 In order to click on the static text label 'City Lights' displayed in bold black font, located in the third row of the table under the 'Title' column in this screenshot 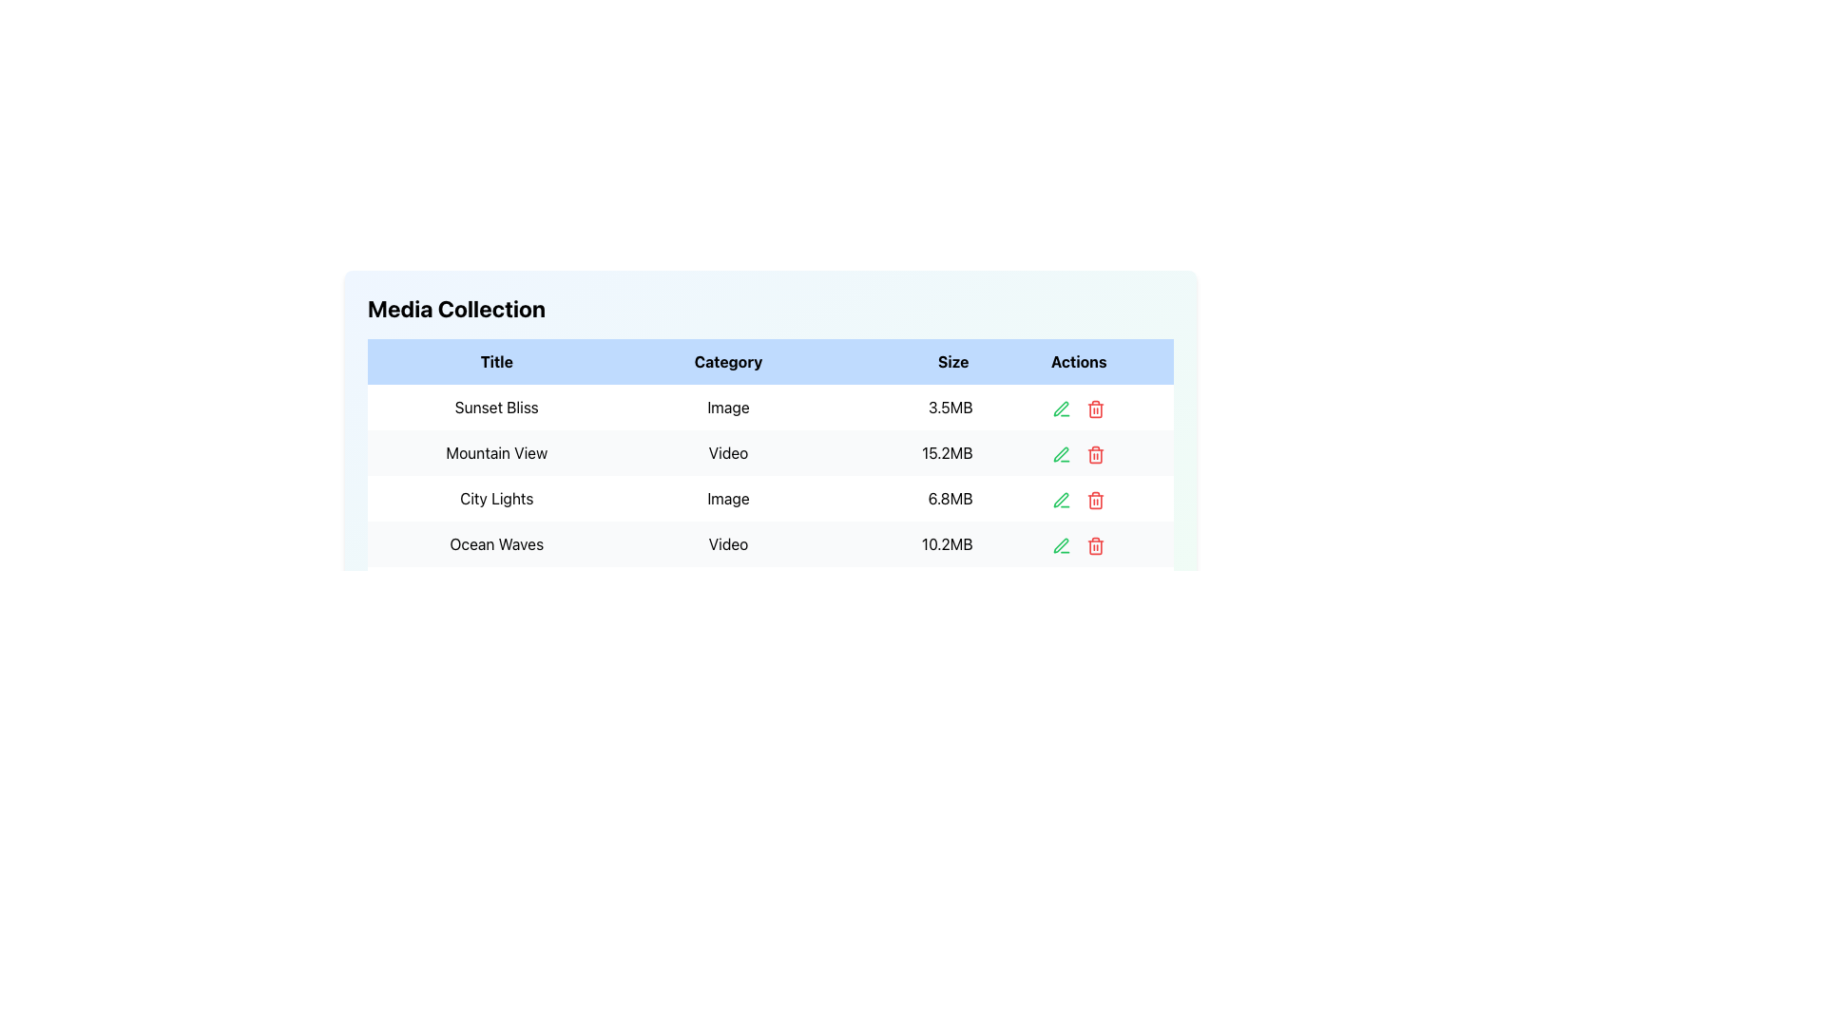, I will do `click(496, 497)`.